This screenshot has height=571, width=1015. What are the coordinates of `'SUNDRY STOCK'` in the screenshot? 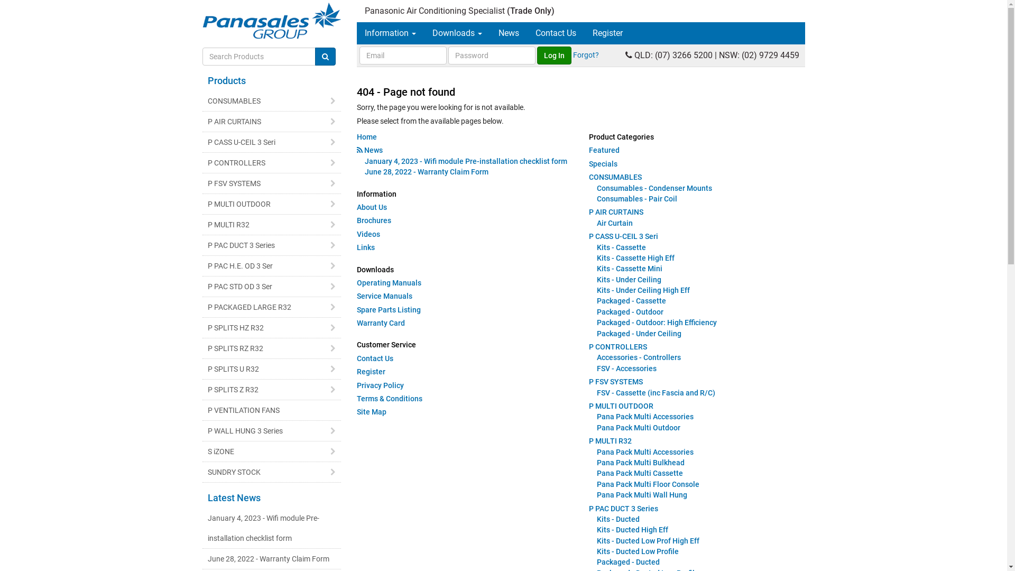 It's located at (271, 472).